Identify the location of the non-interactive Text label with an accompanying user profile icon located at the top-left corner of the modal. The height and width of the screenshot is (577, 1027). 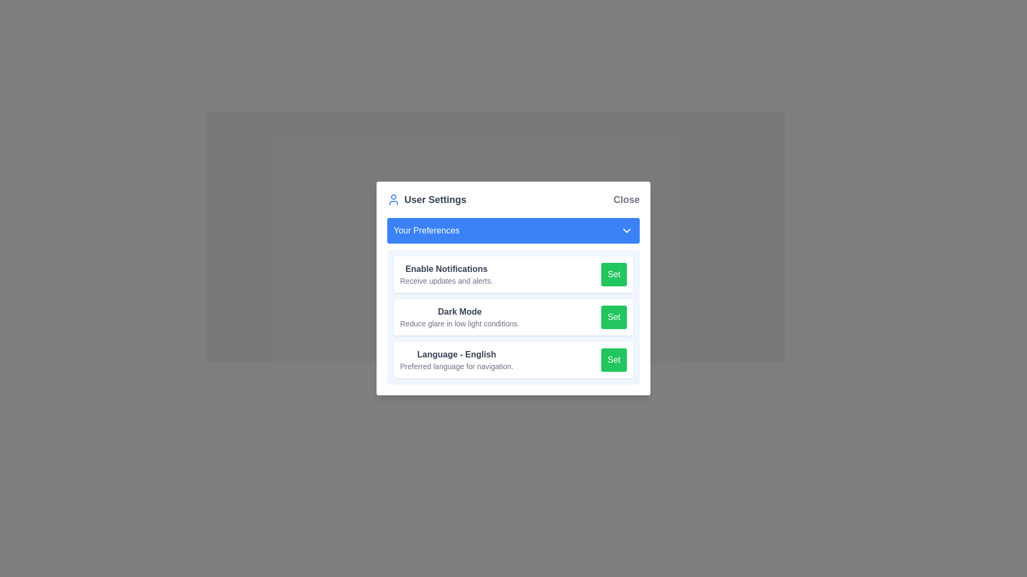
(426, 200).